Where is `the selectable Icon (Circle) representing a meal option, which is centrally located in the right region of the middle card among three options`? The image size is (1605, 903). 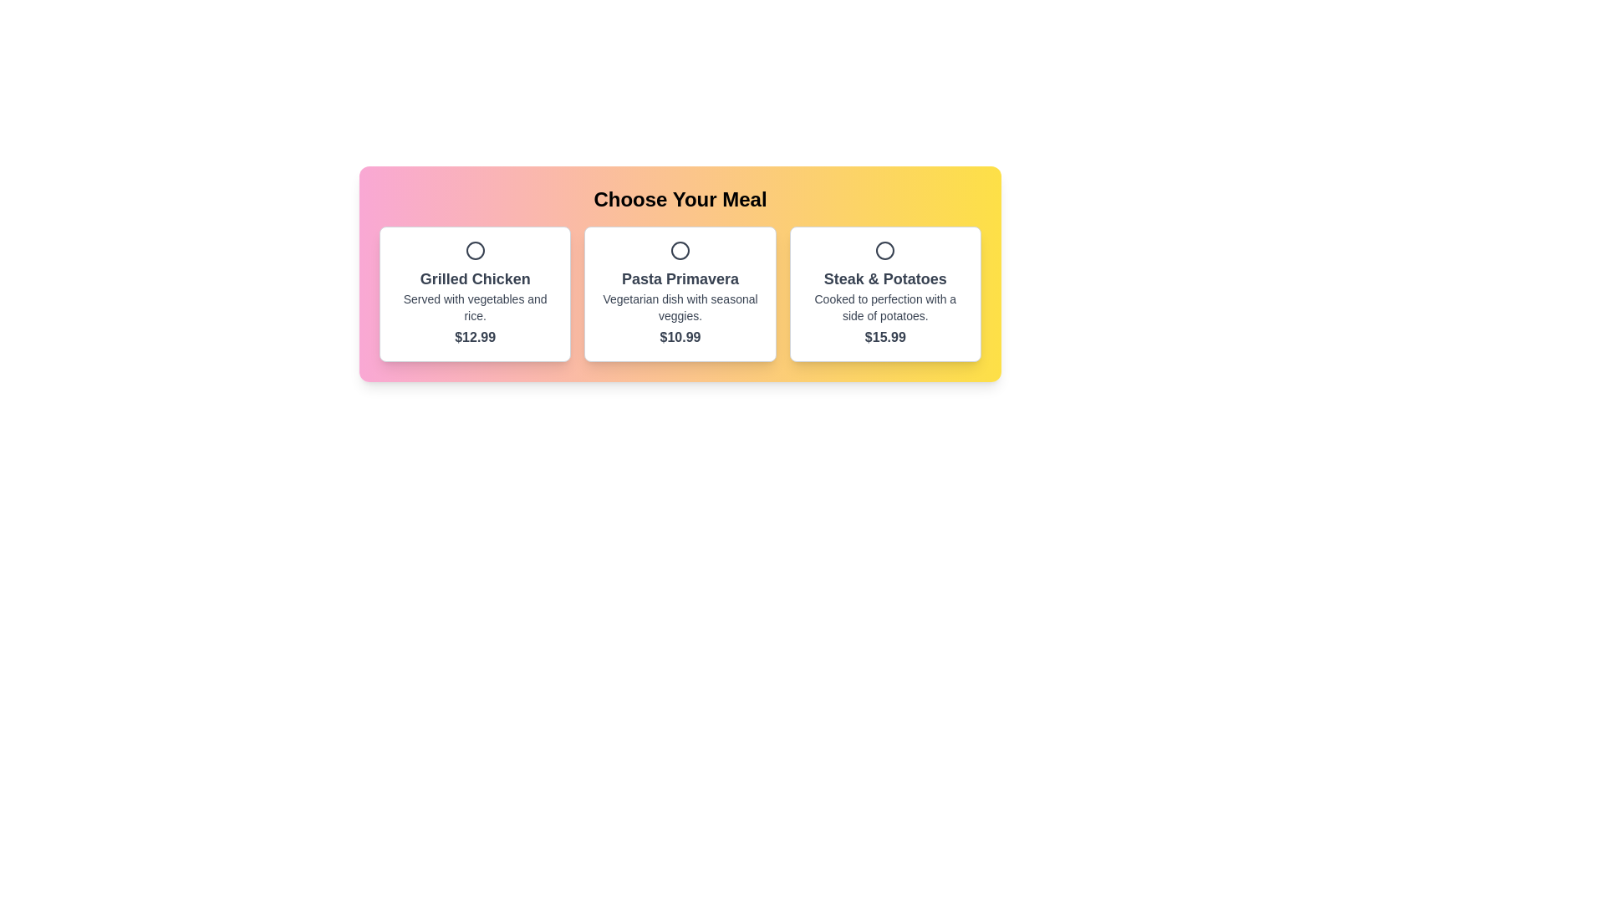
the selectable Icon (Circle) representing a meal option, which is centrally located in the right region of the middle card among three options is located at coordinates (680, 251).